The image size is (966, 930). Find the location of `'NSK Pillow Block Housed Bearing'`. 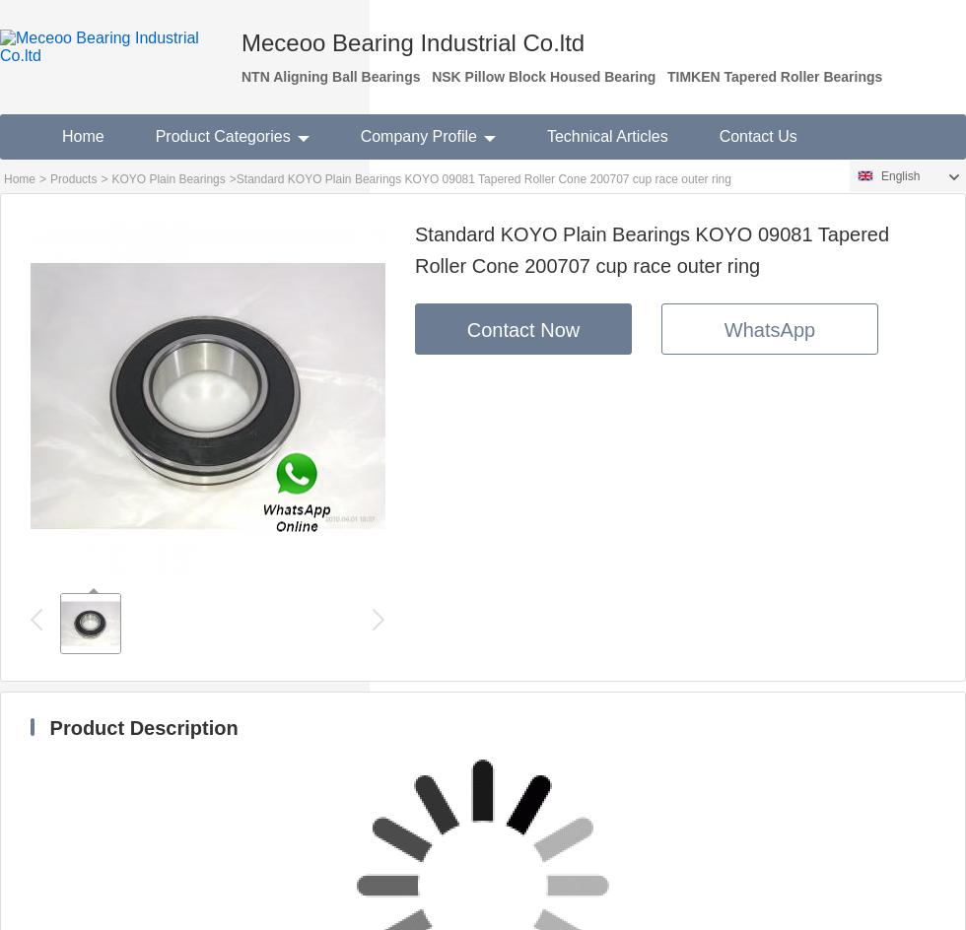

'NSK Pillow Block Housed Bearing' is located at coordinates (431, 75).